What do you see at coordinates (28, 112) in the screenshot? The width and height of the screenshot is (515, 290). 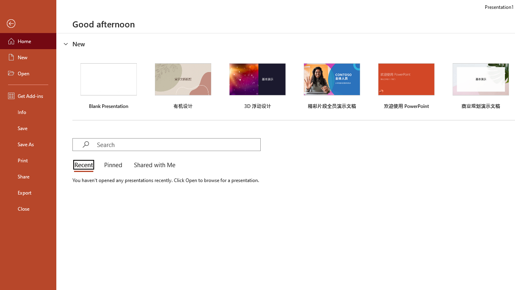 I see `'Info'` at bounding box center [28, 112].